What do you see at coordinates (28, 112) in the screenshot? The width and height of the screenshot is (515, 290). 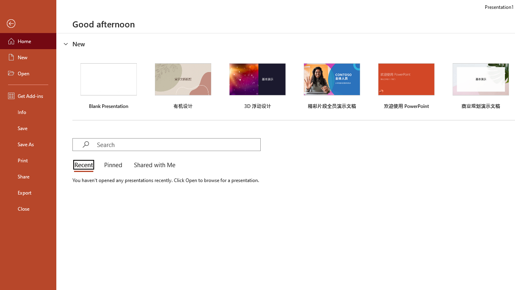 I see `'Info'` at bounding box center [28, 112].